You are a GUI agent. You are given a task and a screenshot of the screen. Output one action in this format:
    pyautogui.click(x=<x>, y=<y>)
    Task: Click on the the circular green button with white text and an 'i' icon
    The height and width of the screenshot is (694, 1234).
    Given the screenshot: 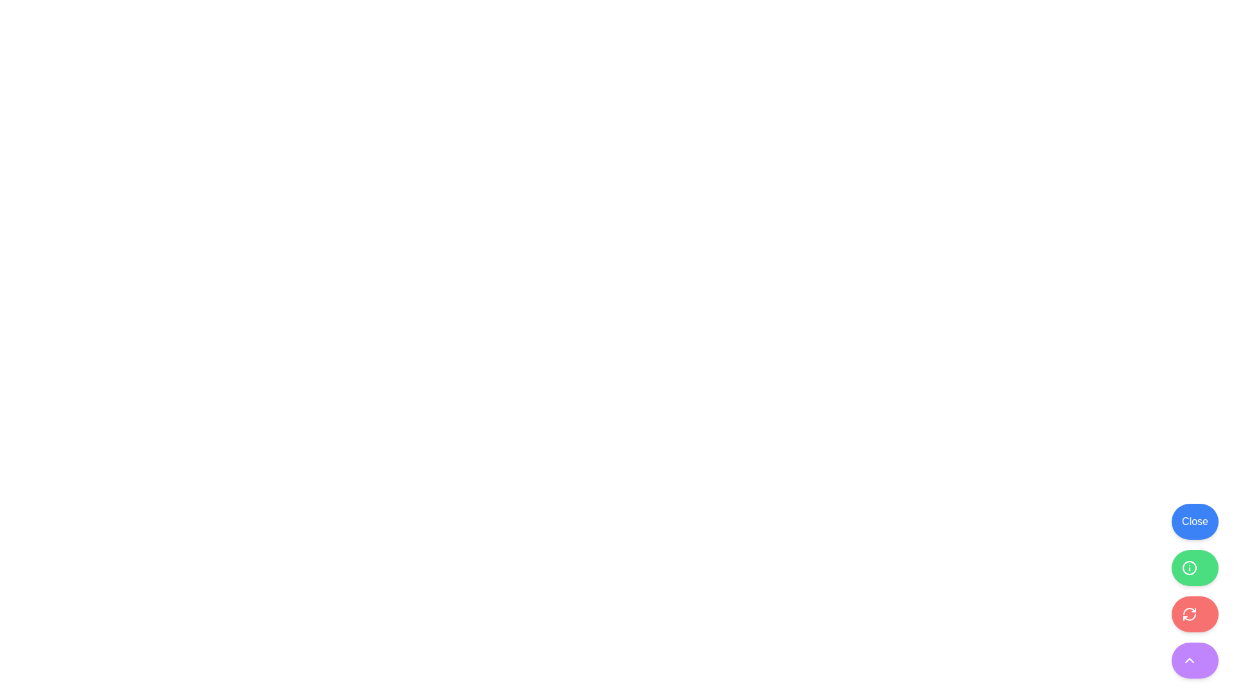 What is the action you would take?
    pyautogui.click(x=1194, y=567)
    